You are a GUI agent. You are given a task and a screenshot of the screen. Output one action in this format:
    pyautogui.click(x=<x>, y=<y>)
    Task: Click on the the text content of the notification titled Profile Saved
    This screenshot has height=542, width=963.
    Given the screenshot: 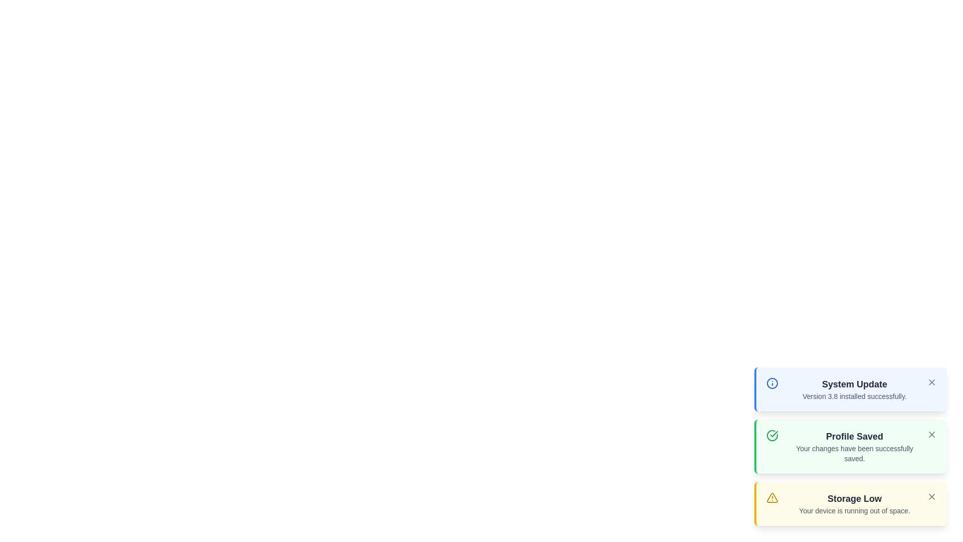 What is the action you would take?
    pyautogui.click(x=854, y=436)
    